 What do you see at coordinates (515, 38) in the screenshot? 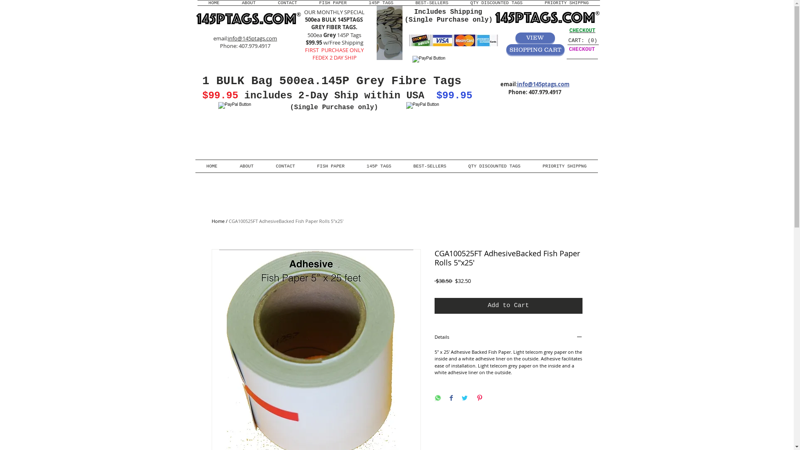
I see `'VIEW'` at bounding box center [515, 38].